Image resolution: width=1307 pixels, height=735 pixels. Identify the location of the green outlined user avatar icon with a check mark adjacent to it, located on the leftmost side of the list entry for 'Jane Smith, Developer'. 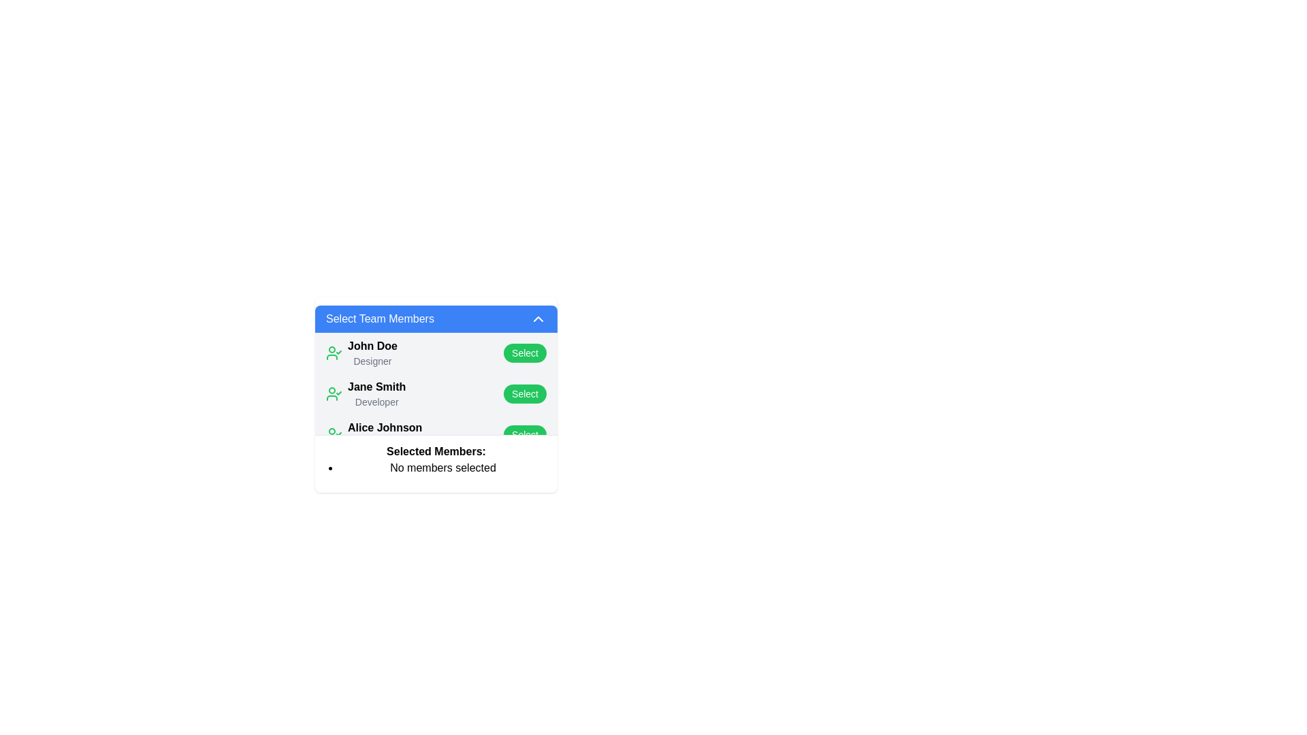
(334, 393).